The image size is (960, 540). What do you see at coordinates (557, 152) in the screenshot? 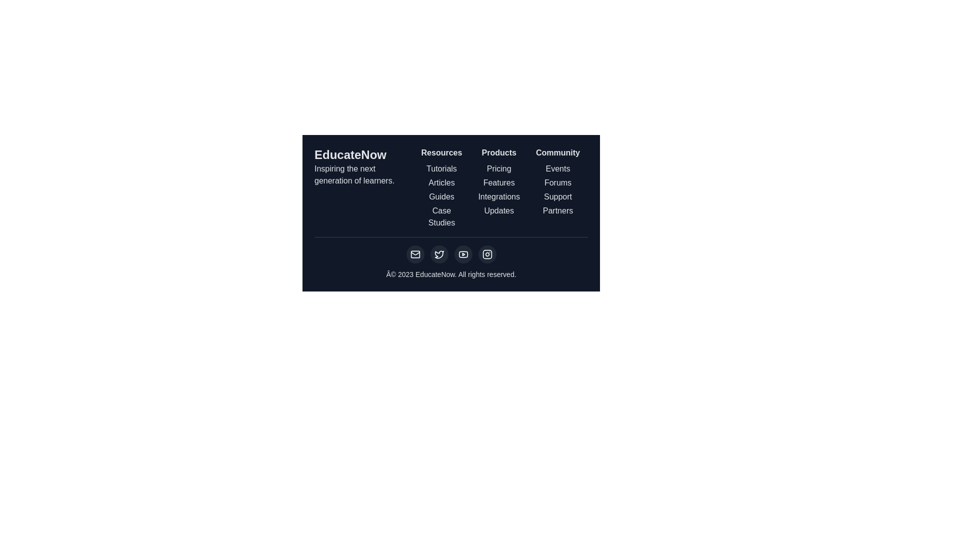
I see `the 'Community' text element, which is styled in bold white font on a dark blue background, and is the first item in a vertical list of links` at bounding box center [557, 152].